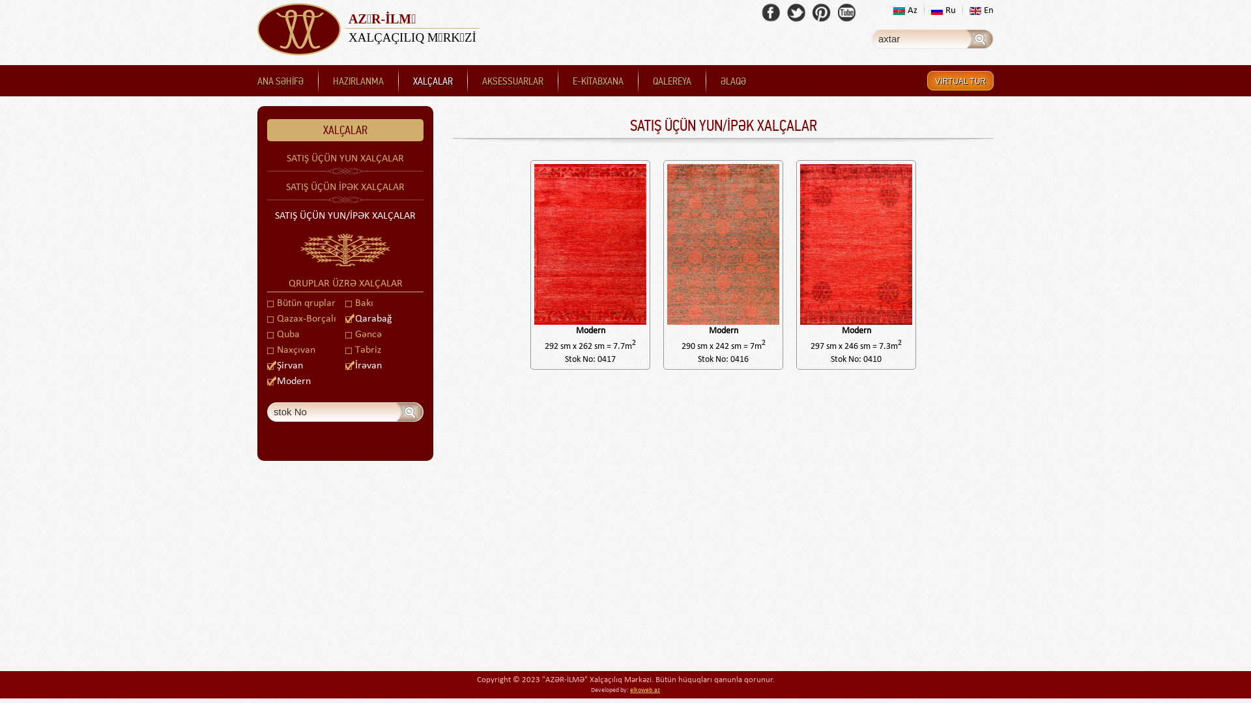 The image size is (1251, 703). What do you see at coordinates (283, 333) in the screenshot?
I see `'Quba'` at bounding box center [283, 333].